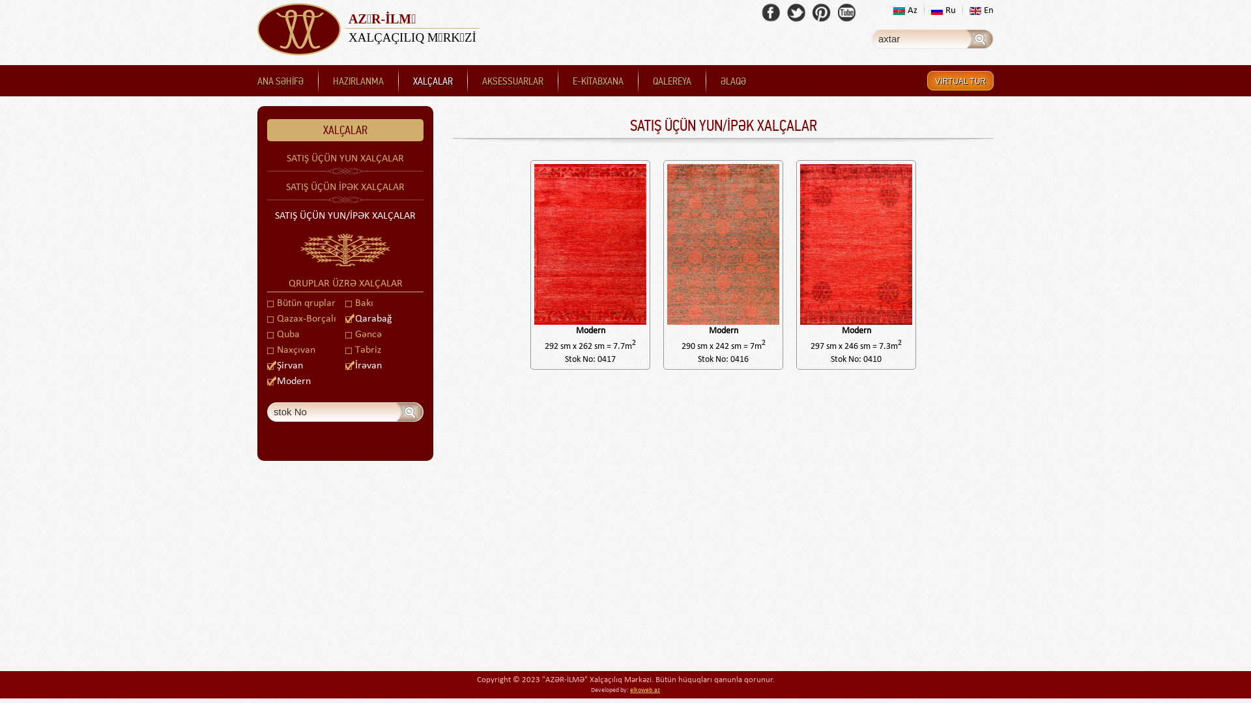 The image size is (1251, 703). What do you see at coordinates (283, 333) in the screenshot?
I see `'Quba'` at bounding box center [283, 333].